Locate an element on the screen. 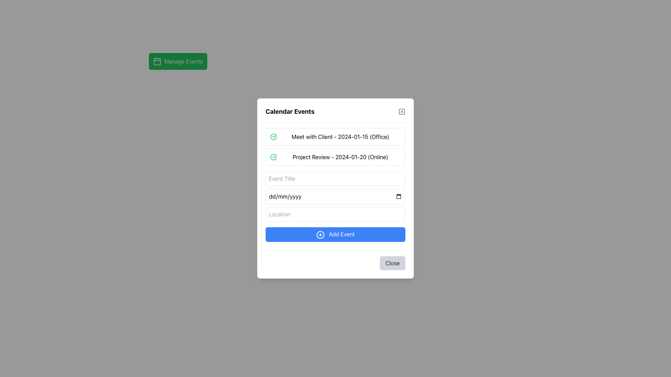  the first list item in the 'Calendar Events' modal dialog is located at coordinates (335, 137).